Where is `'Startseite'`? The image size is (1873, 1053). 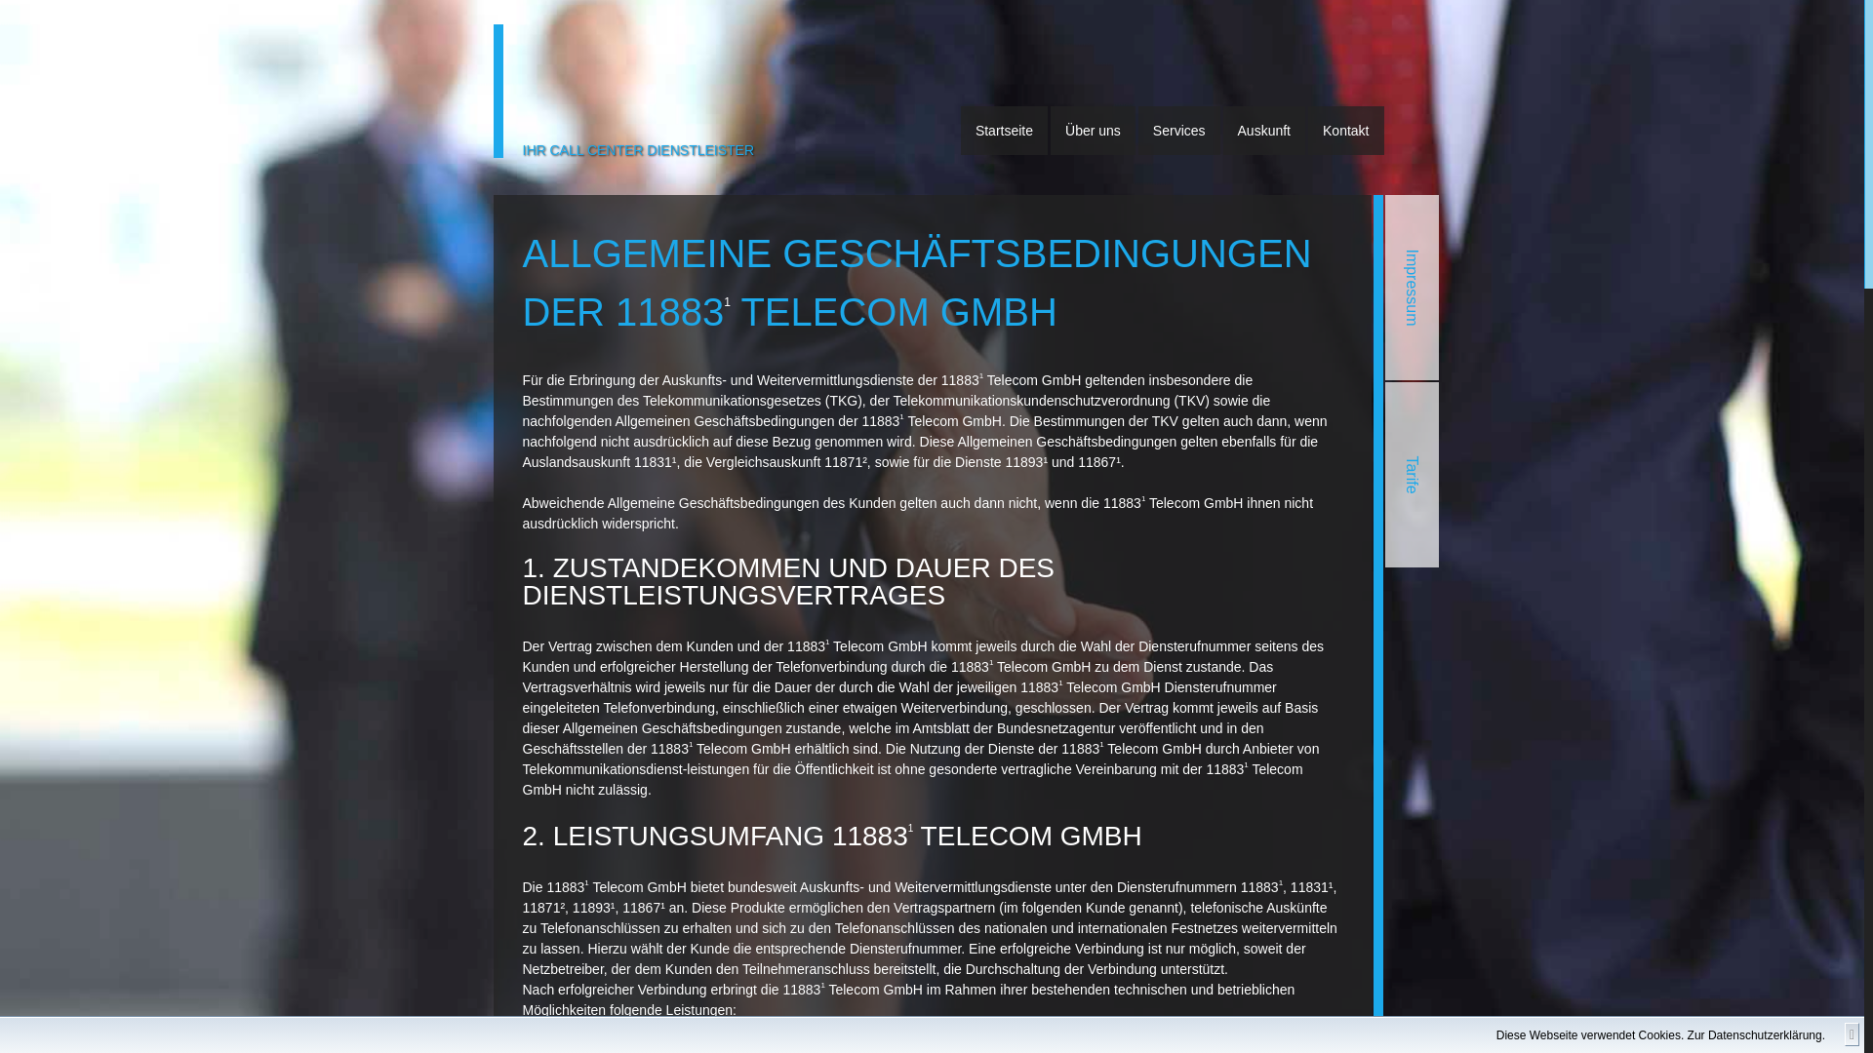 'Startseite' is located at coordinates (1004, 131).